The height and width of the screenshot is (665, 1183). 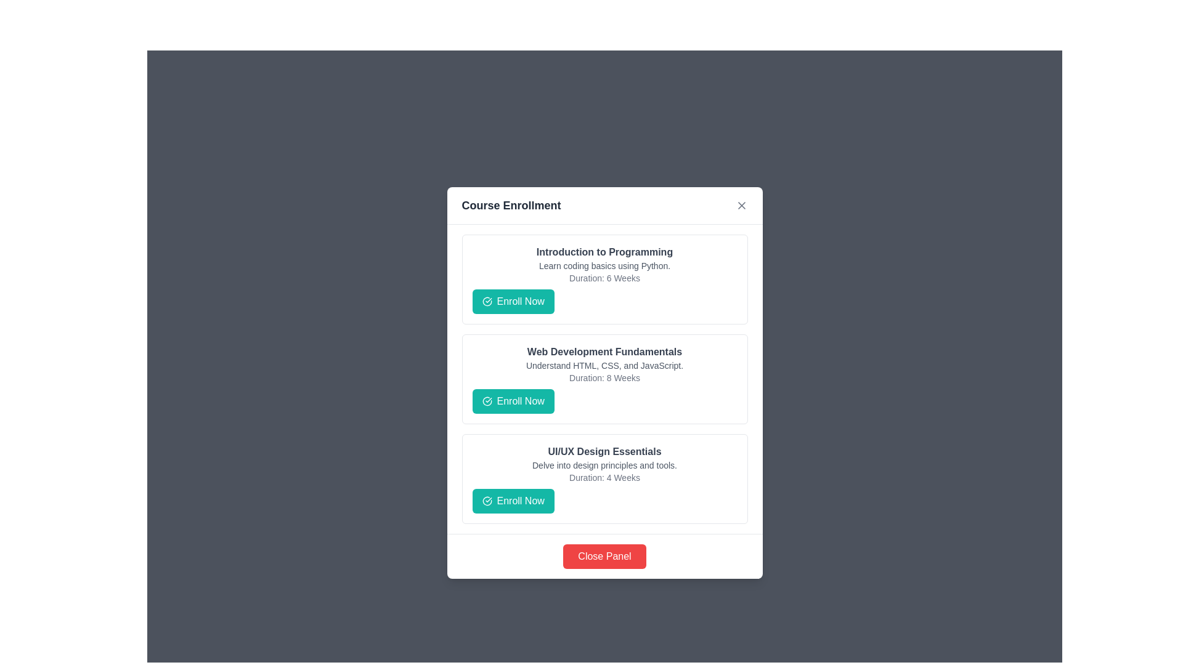 What do you see at coordinates (604, 478) in the screenshot?
I see `course details from the 'UI/UX Design Essentials' card located in the third position of the vertical stack within the modal dialog` at bounding box center [604, 478].